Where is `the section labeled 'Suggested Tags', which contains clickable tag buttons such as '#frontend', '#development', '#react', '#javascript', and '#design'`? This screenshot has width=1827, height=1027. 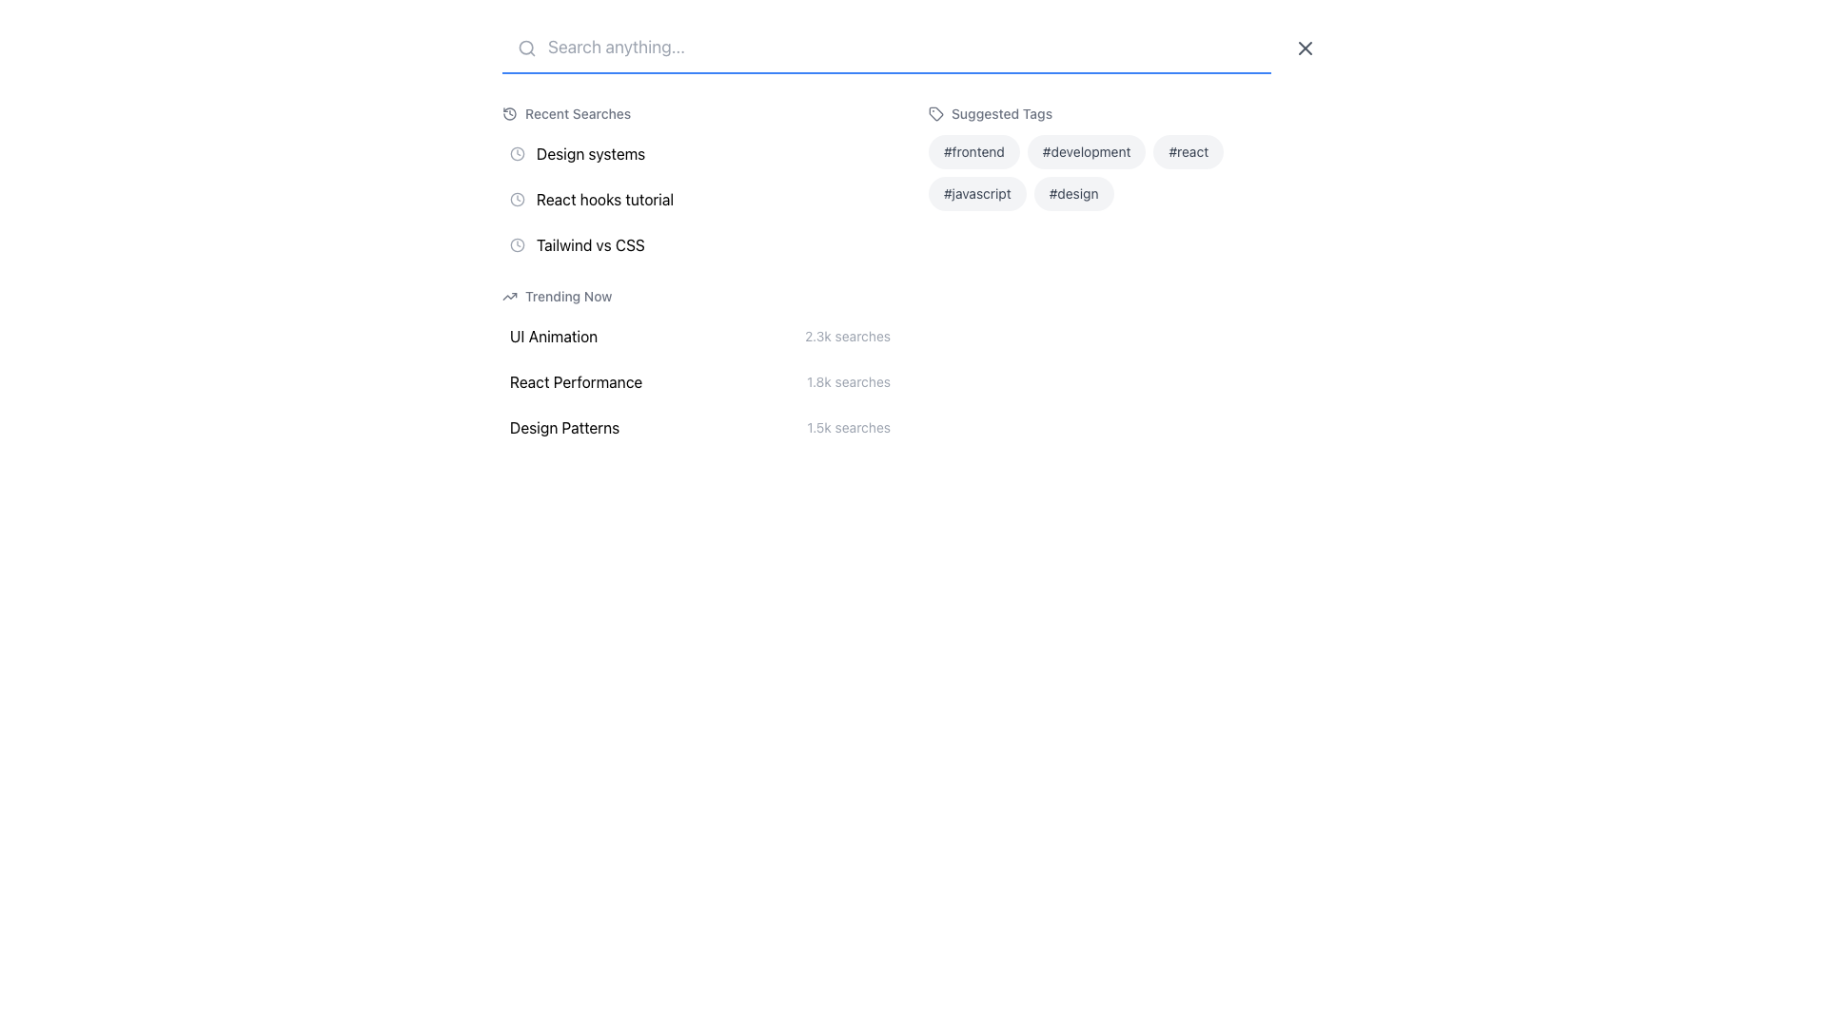
the section labeled 'Suggested Tags', which contains clickable tag buttons such as '#frontend', '#development', '#react', '#javascript', and '#design' is located at coordinates (1127, 275).